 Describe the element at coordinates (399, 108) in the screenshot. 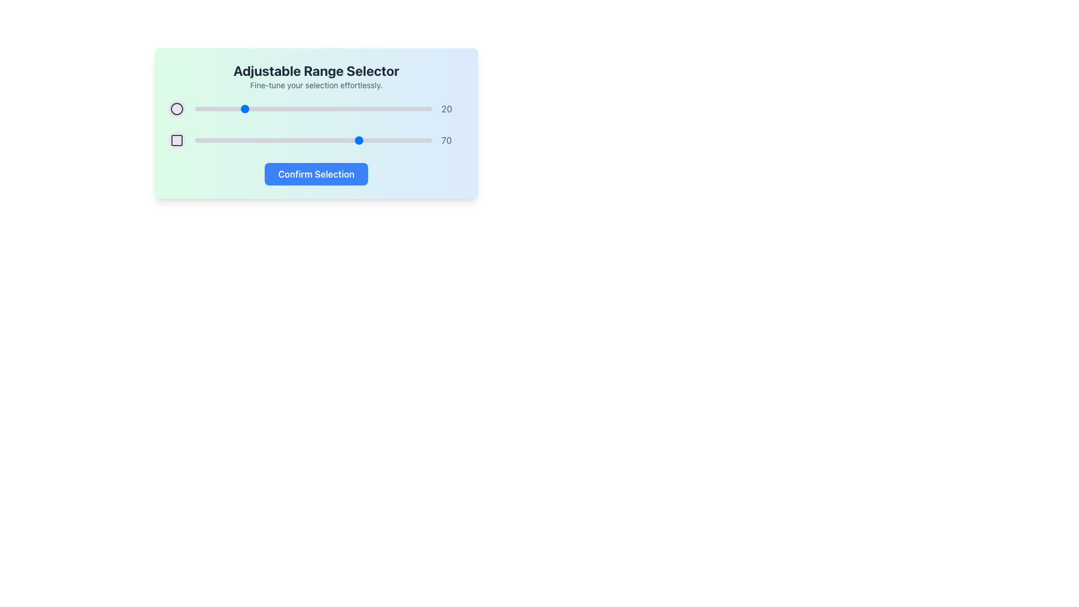

I see `slider` at that location.